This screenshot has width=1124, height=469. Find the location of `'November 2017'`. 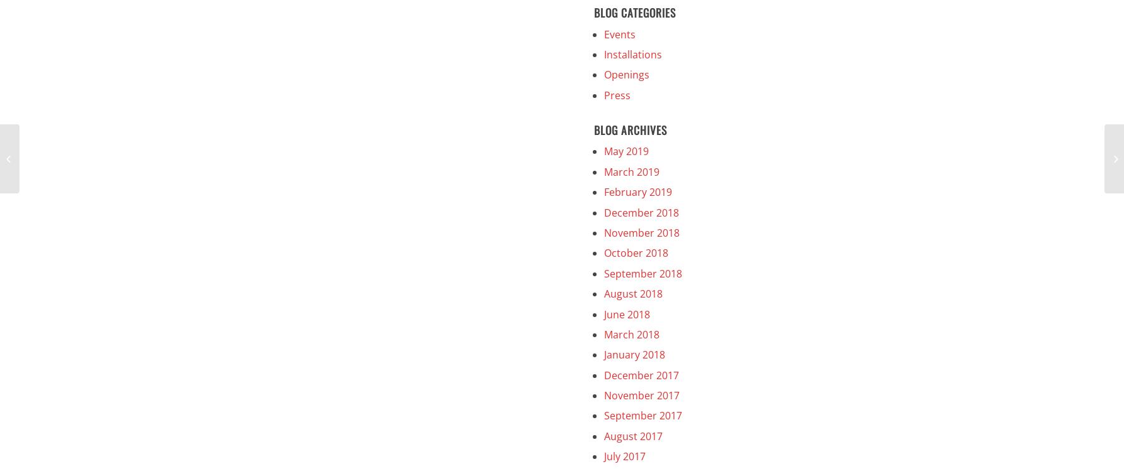

'November 2017' is located at coordinates (641, 395).